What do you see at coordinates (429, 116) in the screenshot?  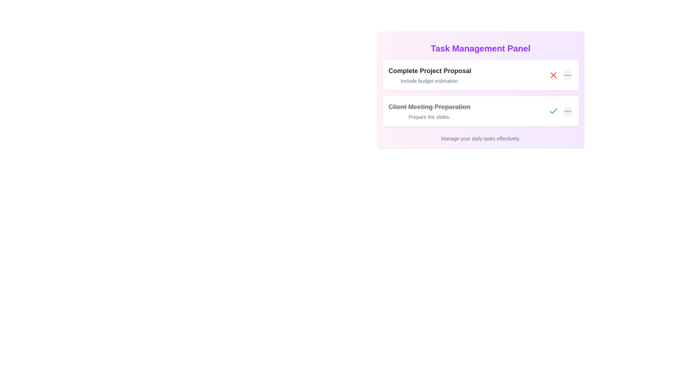 I see `the text element providing additional details about the task 'Client Meeting Preparation', which states 'Prepare the slides.'` at bounding box center [429, 116].